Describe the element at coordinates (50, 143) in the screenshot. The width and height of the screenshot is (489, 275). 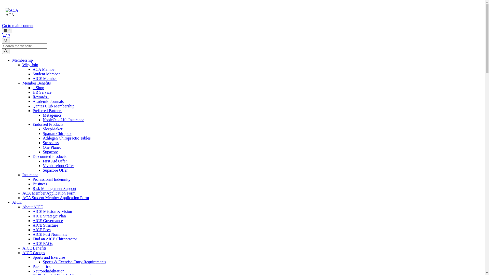
I see `'Stressless'` at that location.